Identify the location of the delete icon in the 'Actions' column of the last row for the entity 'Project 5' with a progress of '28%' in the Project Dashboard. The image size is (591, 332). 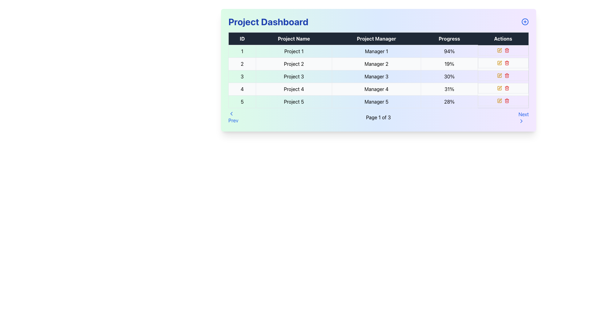
(503, 100).